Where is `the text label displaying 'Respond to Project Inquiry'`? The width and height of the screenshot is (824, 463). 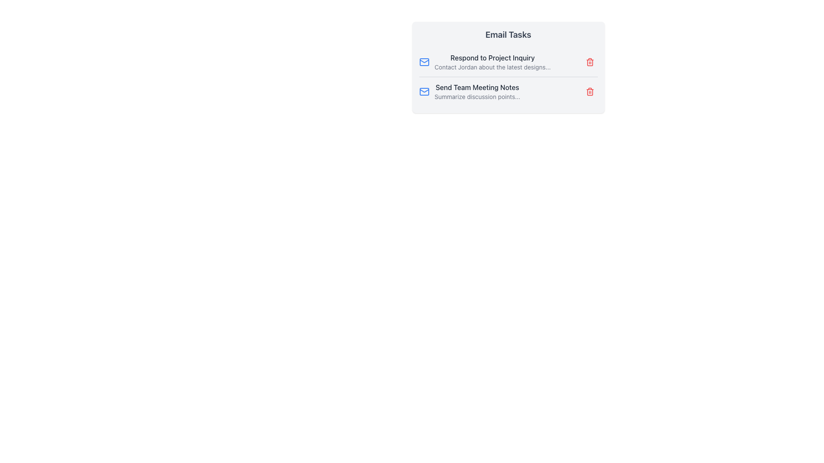
the text label displaying 'Respond to Project Inquiry' is located at coordinates (492, 62).